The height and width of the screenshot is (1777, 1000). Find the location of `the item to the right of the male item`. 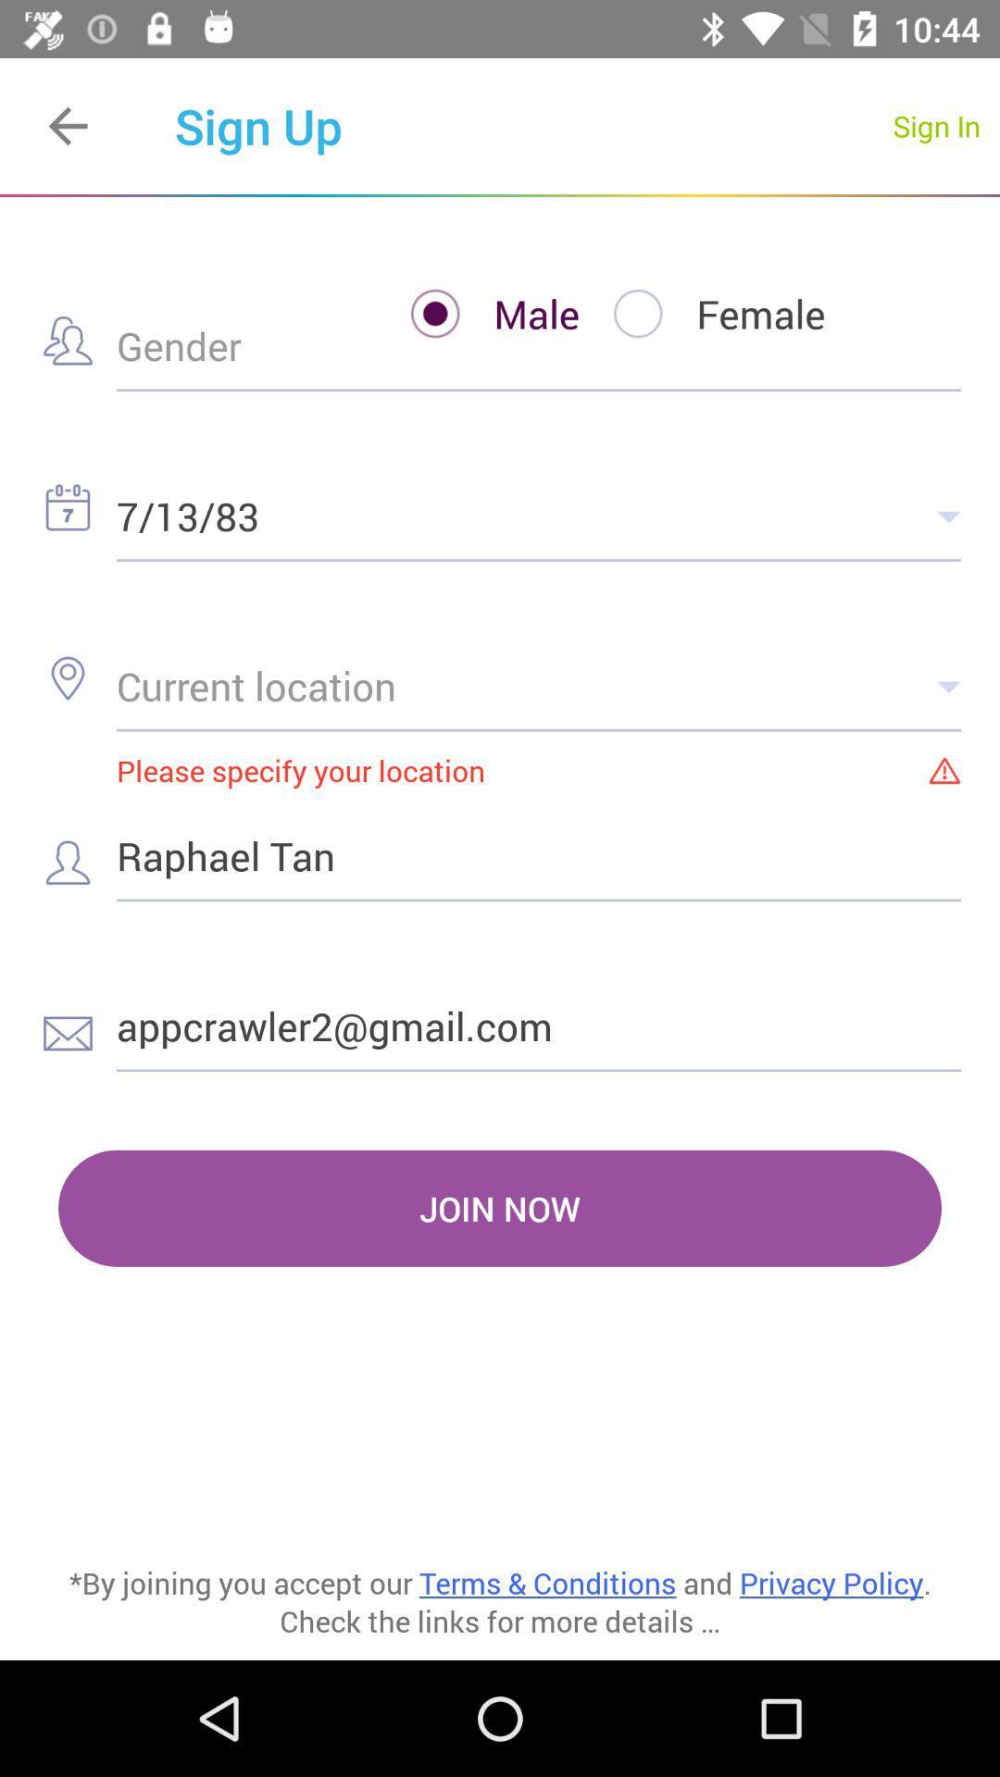

the item to the right of the male item is located at coordinates (703, 314).